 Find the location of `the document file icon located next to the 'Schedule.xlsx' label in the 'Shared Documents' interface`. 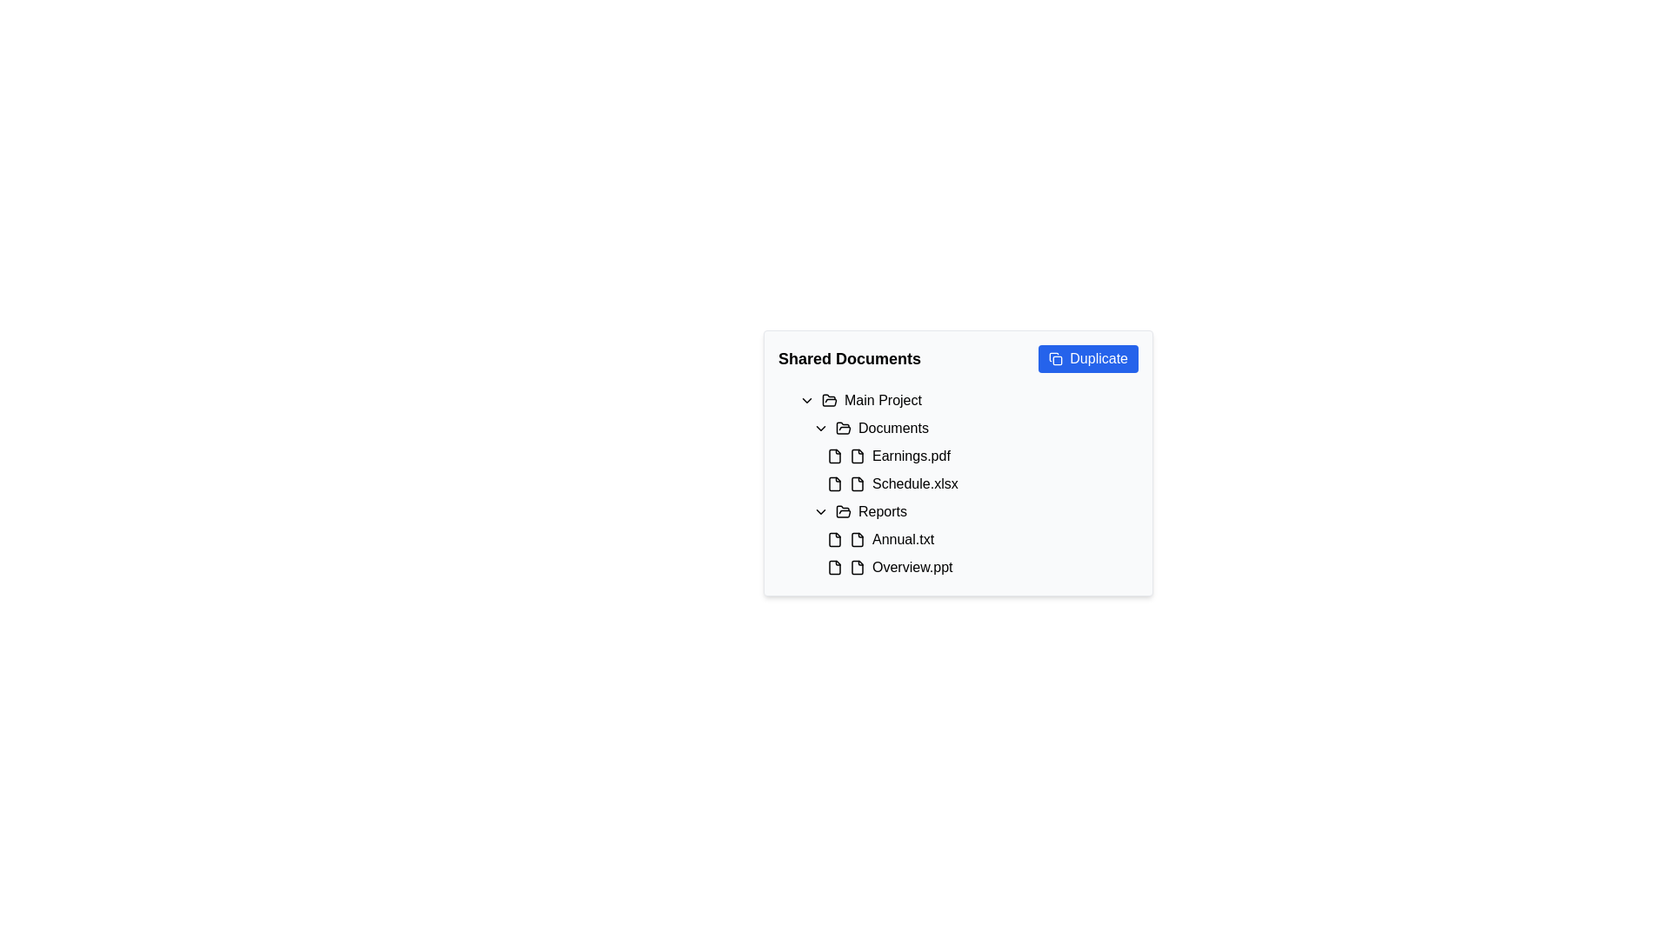

the document file icon located next to the 'Schedule.xlsx' label in the 'Shared Documents' interface is located at coordinates (857, 483).